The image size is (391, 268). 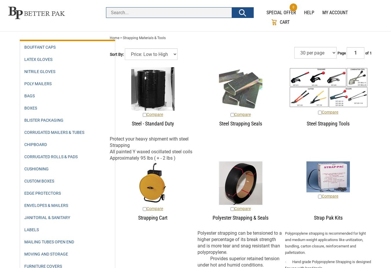 I want to click on 'All painted Y waxed oscillated steel coils', so click(x=150, y=152).